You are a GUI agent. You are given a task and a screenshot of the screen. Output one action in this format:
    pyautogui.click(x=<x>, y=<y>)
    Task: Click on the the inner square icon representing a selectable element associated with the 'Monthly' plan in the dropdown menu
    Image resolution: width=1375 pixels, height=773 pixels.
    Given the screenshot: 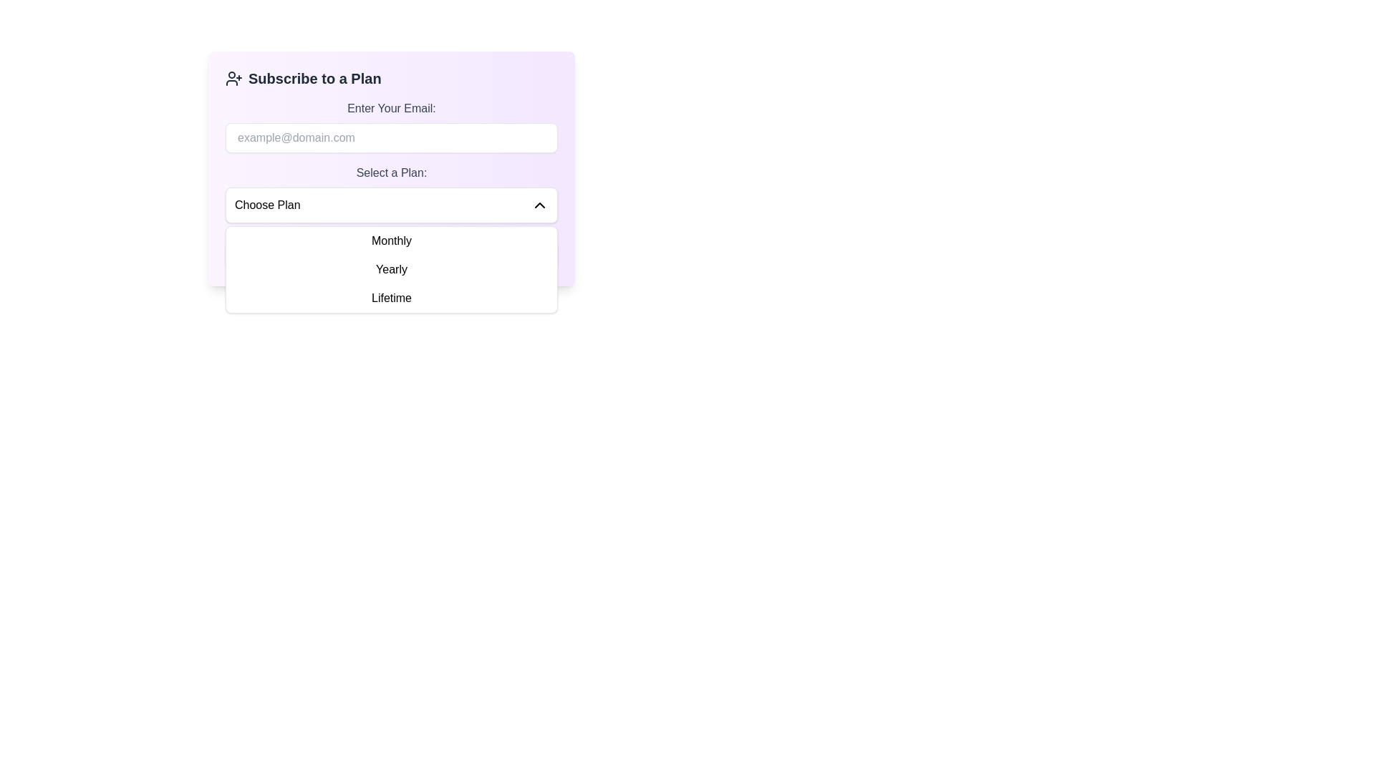 What is the action you would take?
    pyautogui.click(x=498, y=253)
    